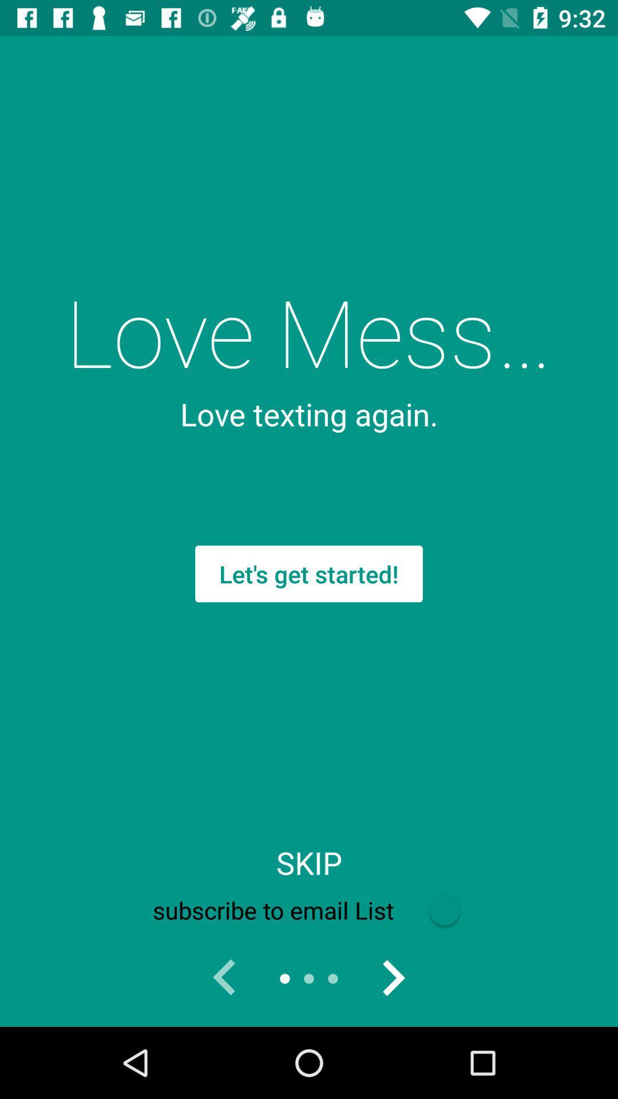  Describe the element at coordinates (309, 863) in the screenshot. I see `the skip item` at that location.